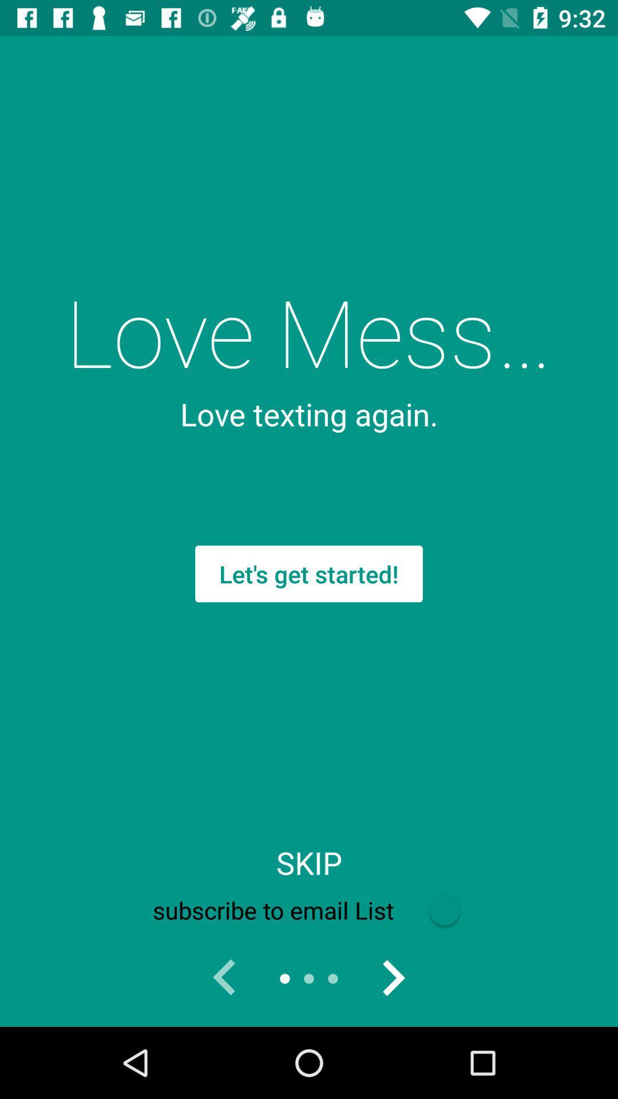  Describe the element at coordinates (309, 863) in the screenshot. I see `the skip item` at that location.